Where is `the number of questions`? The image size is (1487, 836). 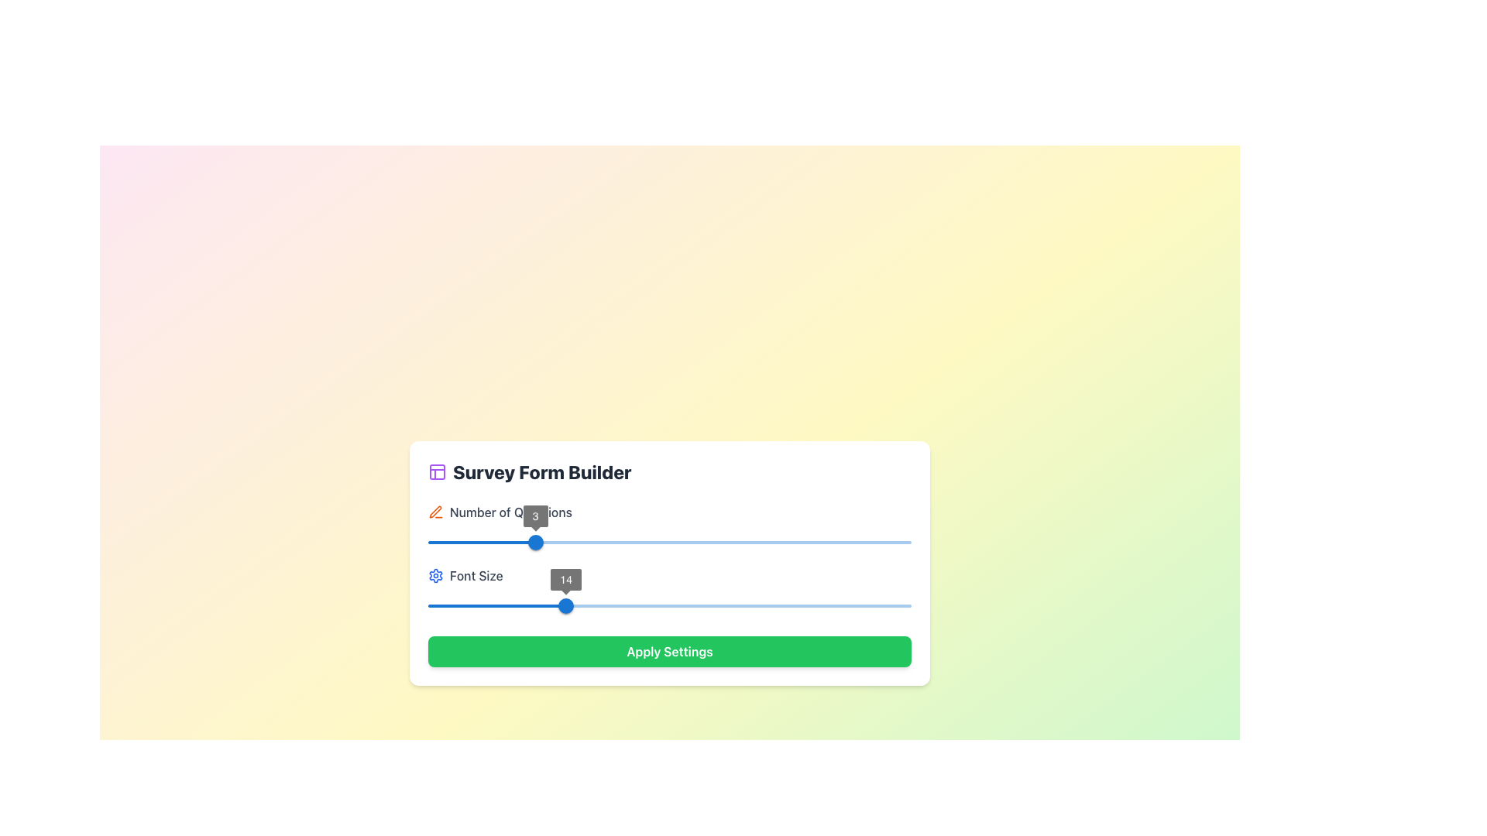
the number of questions is located at coordinates (533, 542).